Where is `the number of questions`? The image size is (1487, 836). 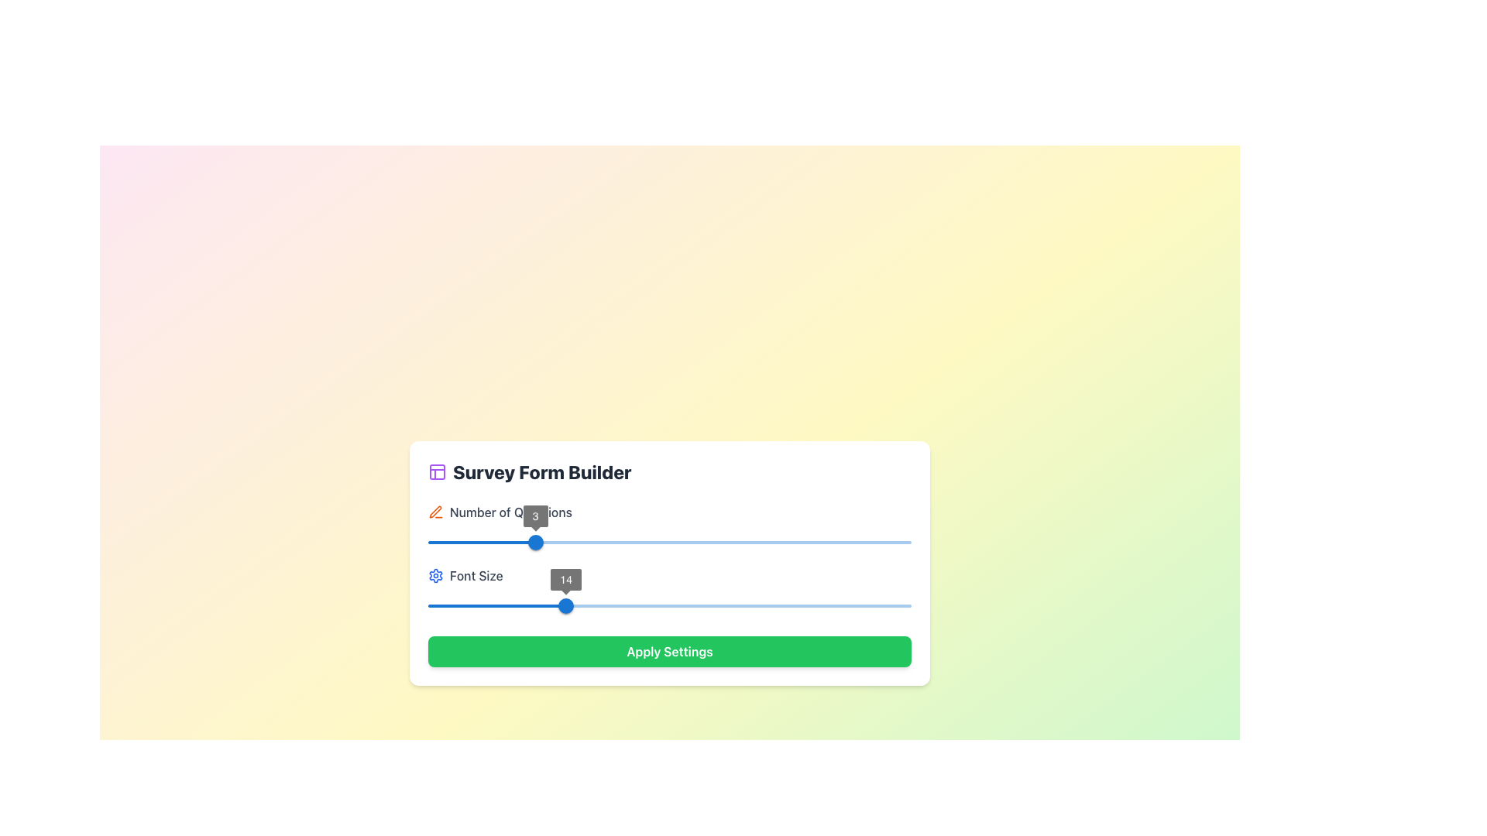
the number of questions is located at coordinates (533, 542).